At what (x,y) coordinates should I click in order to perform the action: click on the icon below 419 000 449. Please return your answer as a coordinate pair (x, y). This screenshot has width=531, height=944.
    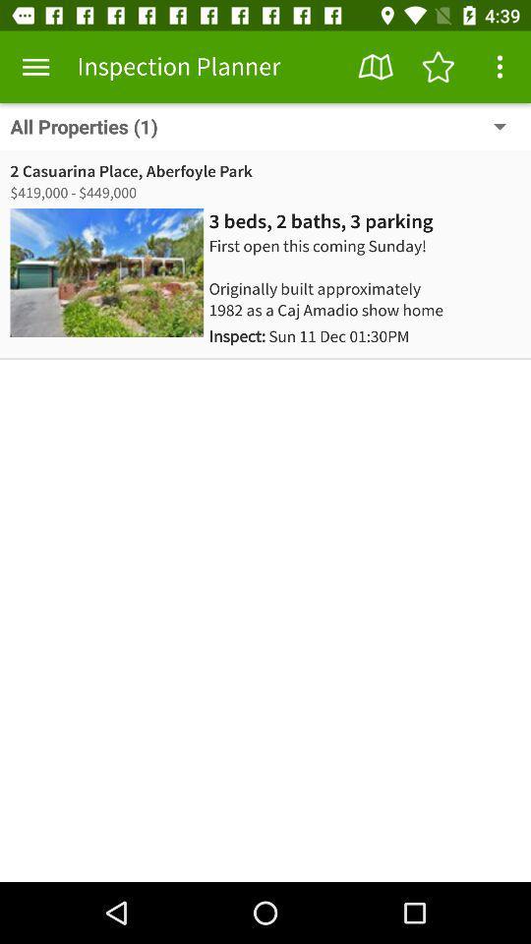
    Looking at the image, I should click on (106, 271).